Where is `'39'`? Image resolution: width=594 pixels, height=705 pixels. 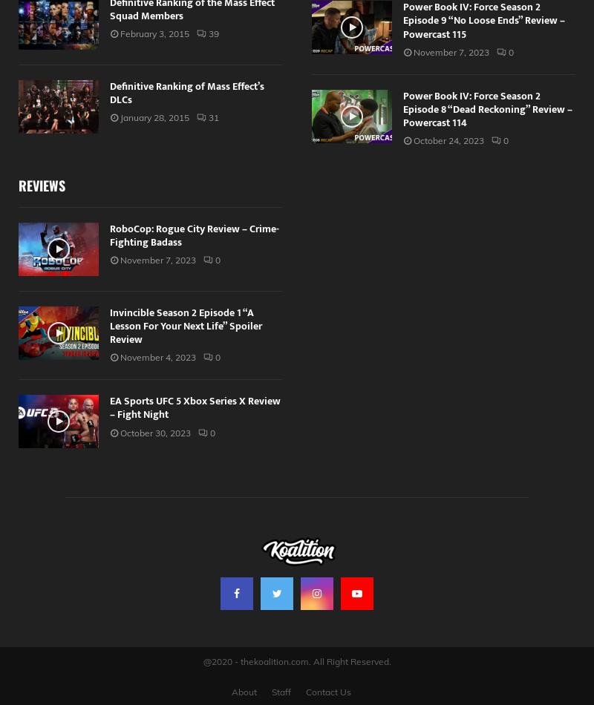 '39' is located at coordinates (214, 33).